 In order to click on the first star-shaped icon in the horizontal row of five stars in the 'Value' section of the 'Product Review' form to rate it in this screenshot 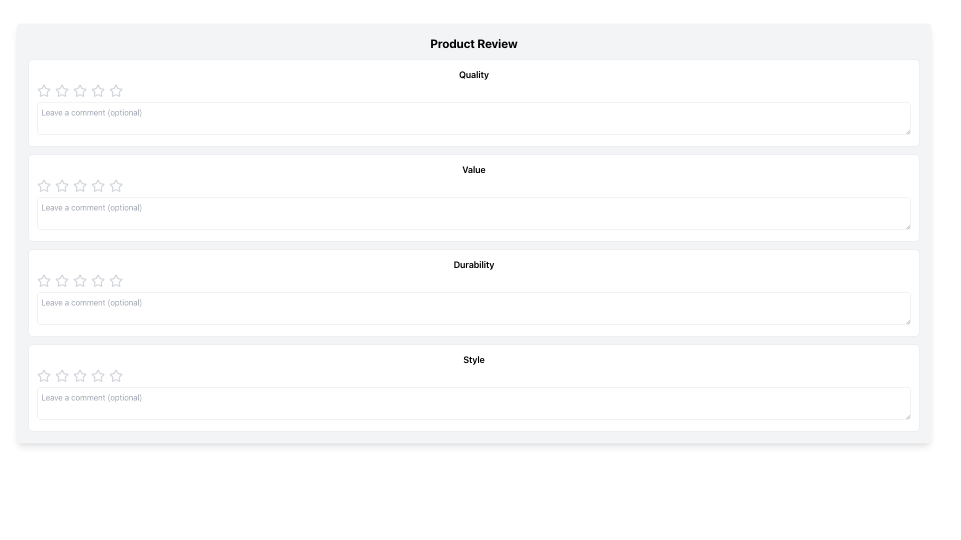, I will do `click(62, 185)`.